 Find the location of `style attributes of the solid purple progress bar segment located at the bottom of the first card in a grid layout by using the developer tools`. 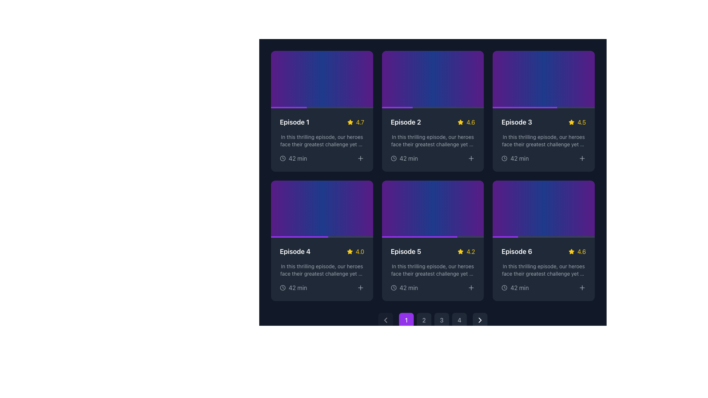

style attributes of the solid purple progress bar segment located at the bottom of the first card in a grid layout by using the developer tools is located at coordinates (288, 107).